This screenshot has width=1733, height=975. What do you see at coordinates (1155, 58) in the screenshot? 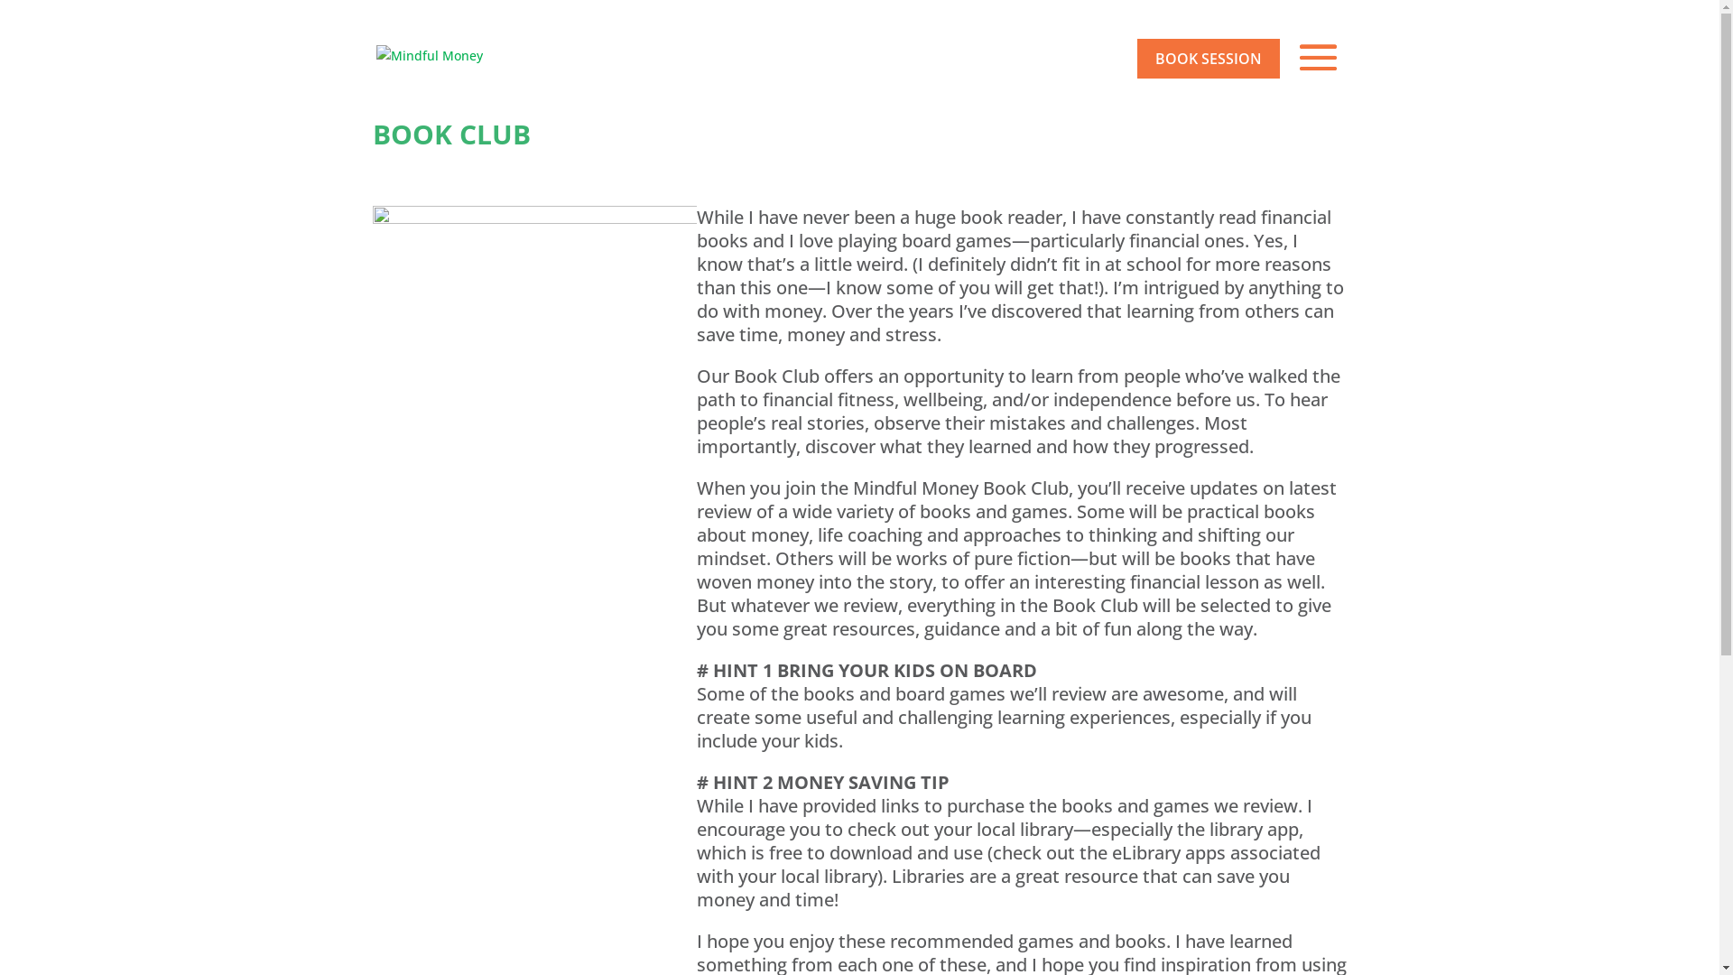
I see `'BOOK SESSION'` at bounding box center [1155, 58].